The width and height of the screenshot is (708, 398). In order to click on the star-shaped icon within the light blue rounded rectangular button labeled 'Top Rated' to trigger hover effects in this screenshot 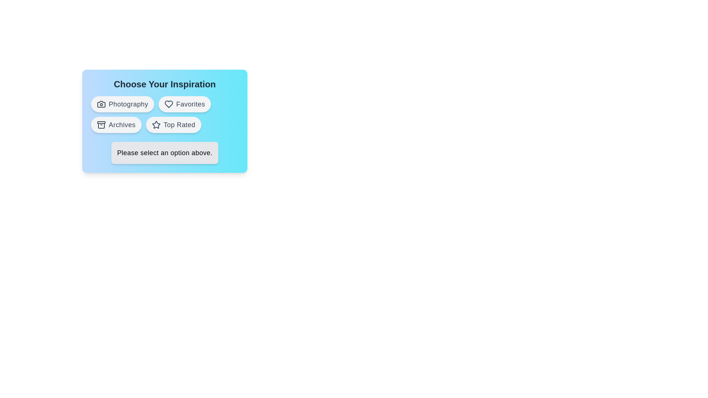, I will do `click(156, 124)`.